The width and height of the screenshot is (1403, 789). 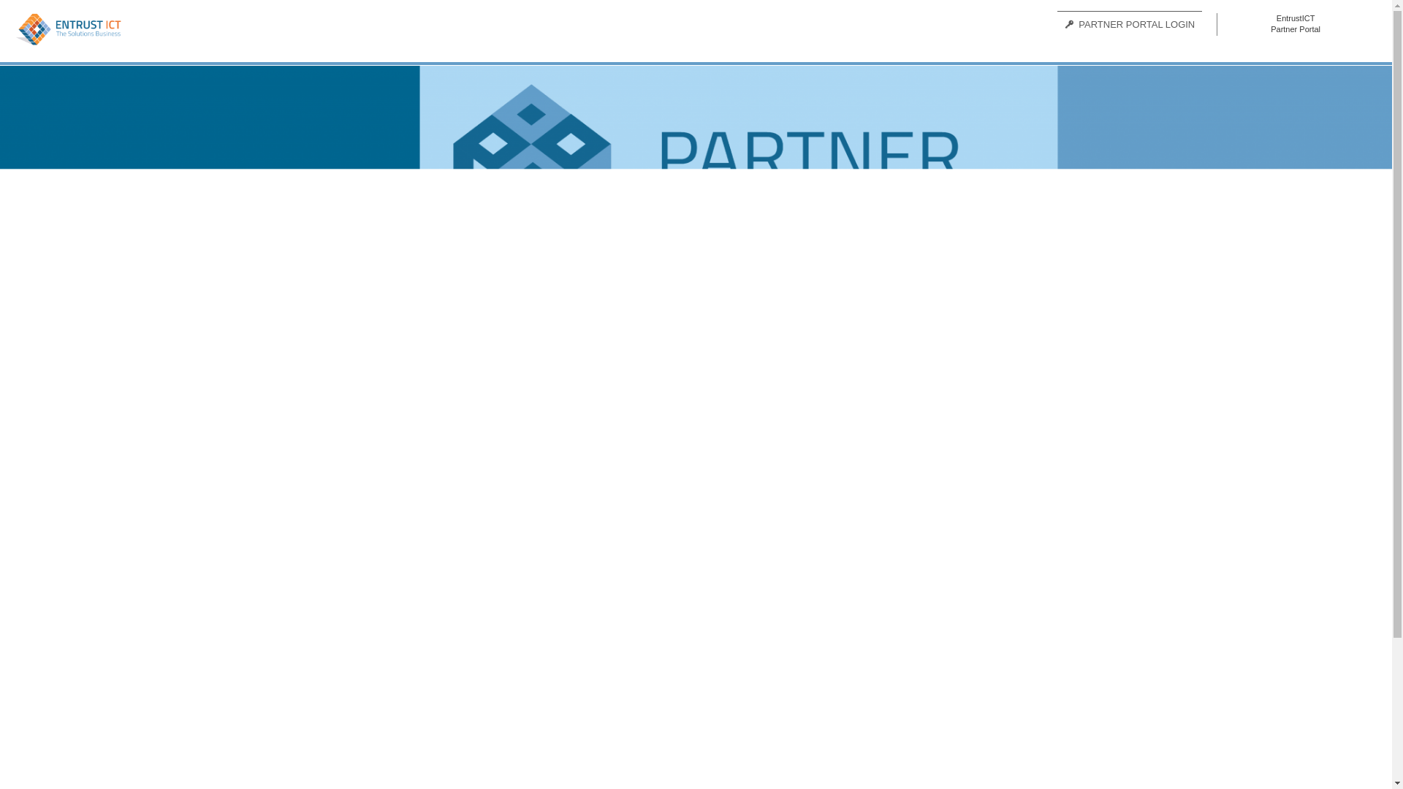 I want to click on 'PARTNER PORTAL LOGIN', so click(x=1128, y=24).